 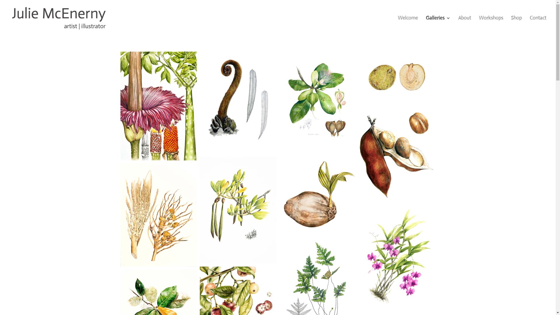 I want to click on 'Castanospermum-australe-seedpod_2009', so click(x=358, y=155).